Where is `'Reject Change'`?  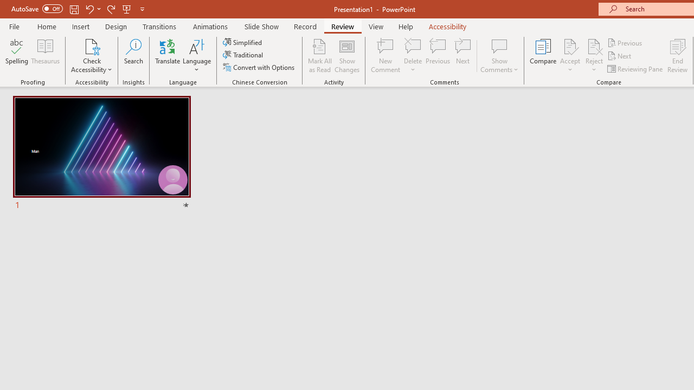
'Reject Change' is located at coordinates (594, 45).